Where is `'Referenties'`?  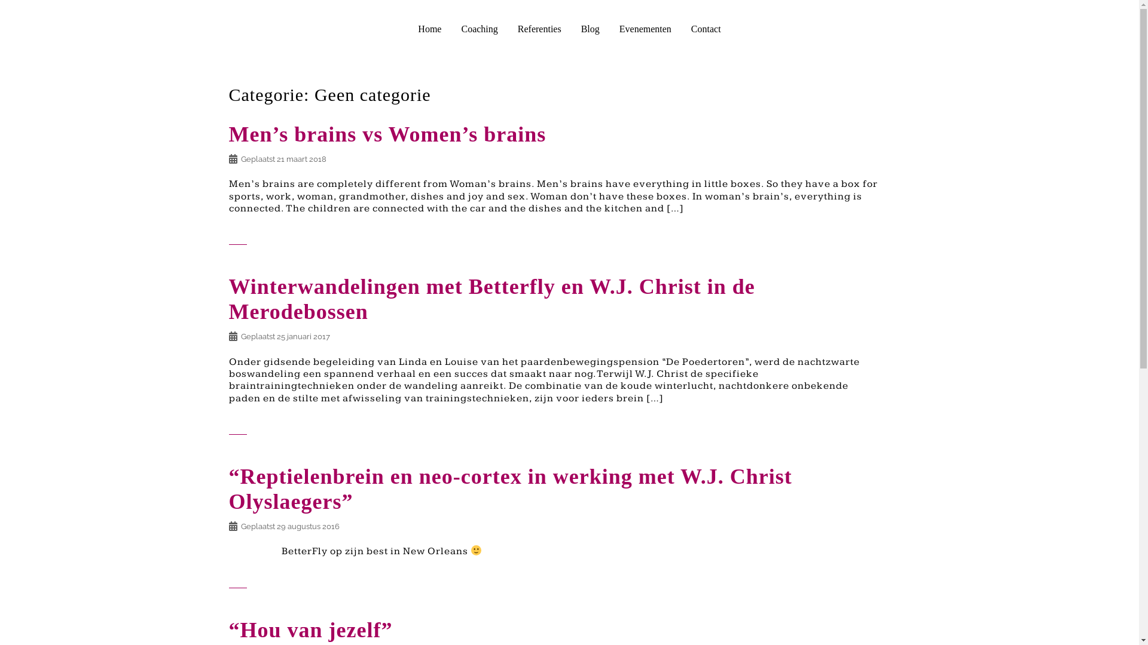
'Referenties' is located at coordinates (539, 28).